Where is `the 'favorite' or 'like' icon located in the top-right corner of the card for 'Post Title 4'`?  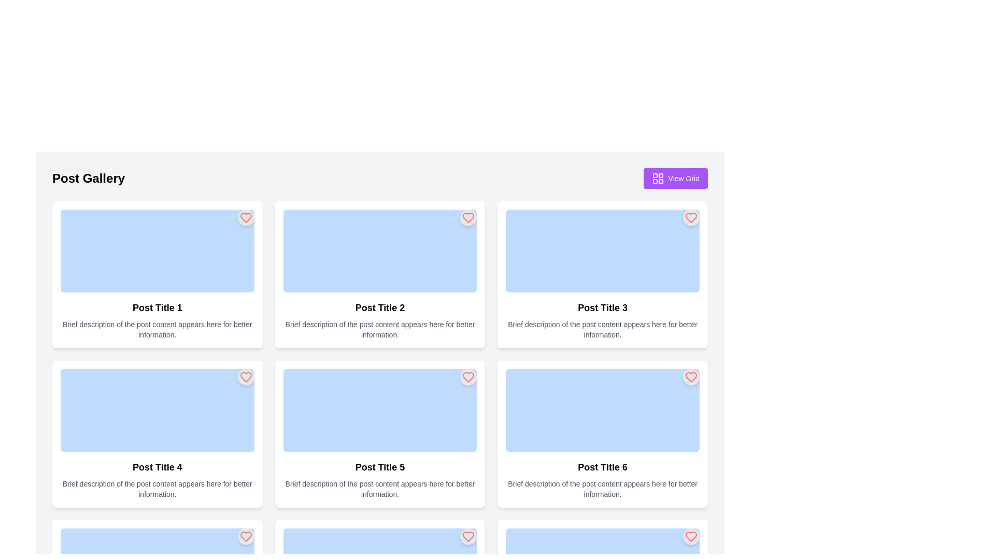
the 'favorite' or 'like' icon located in the top-right corner of the card for 'Post Title 4' is located at coordinates (245, 536).